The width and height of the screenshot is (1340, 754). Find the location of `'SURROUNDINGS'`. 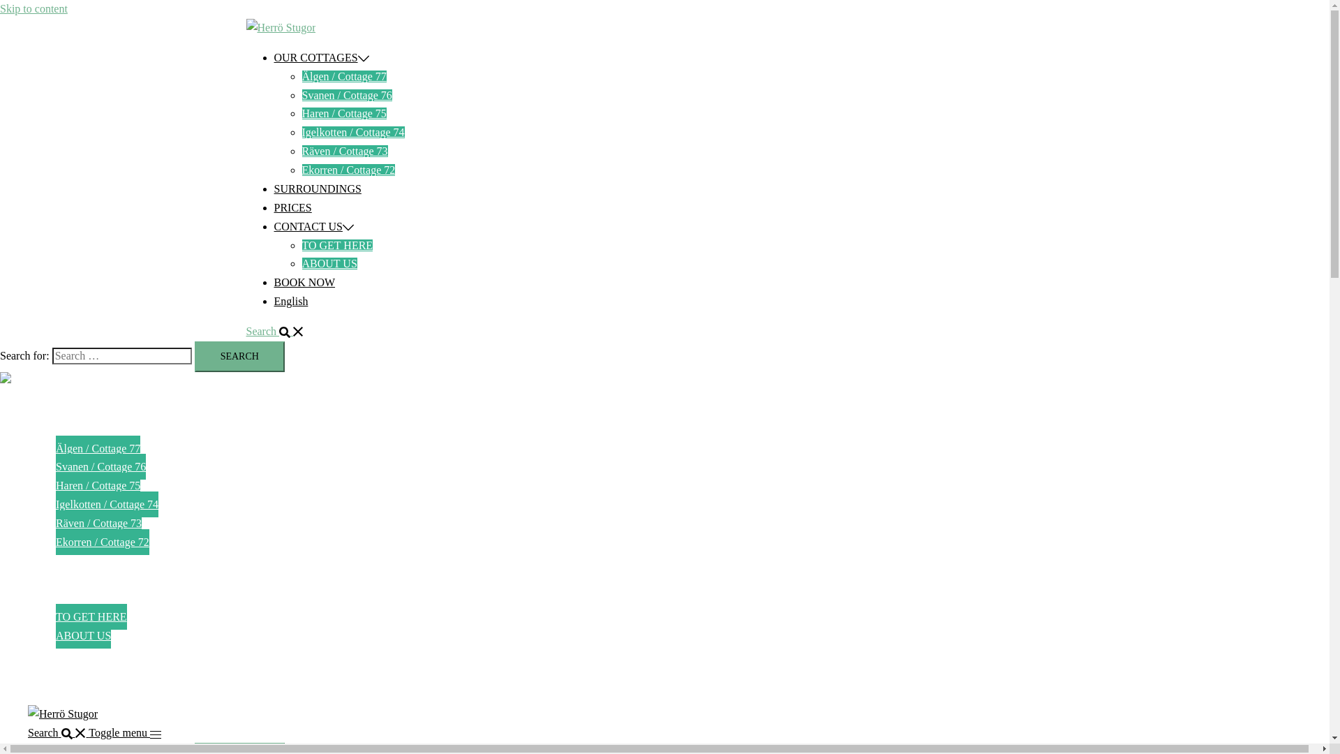

'SURROUNDINGS' is located at coordinates (316, 188).